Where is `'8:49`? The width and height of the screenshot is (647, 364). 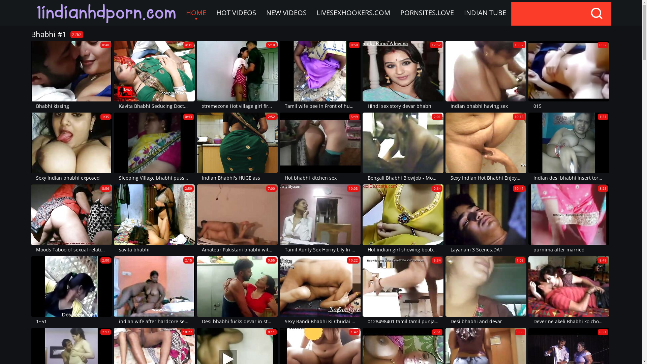
'8:49 is located at coordinates (568, 291).